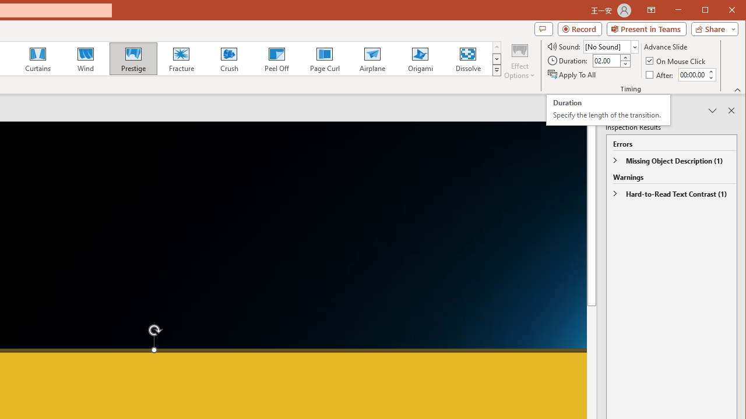 The height and width of the screenshot is (419, 746). Describe the element at coordinates (228, 58) in the screenshot. I see `'Crush'` at that location.